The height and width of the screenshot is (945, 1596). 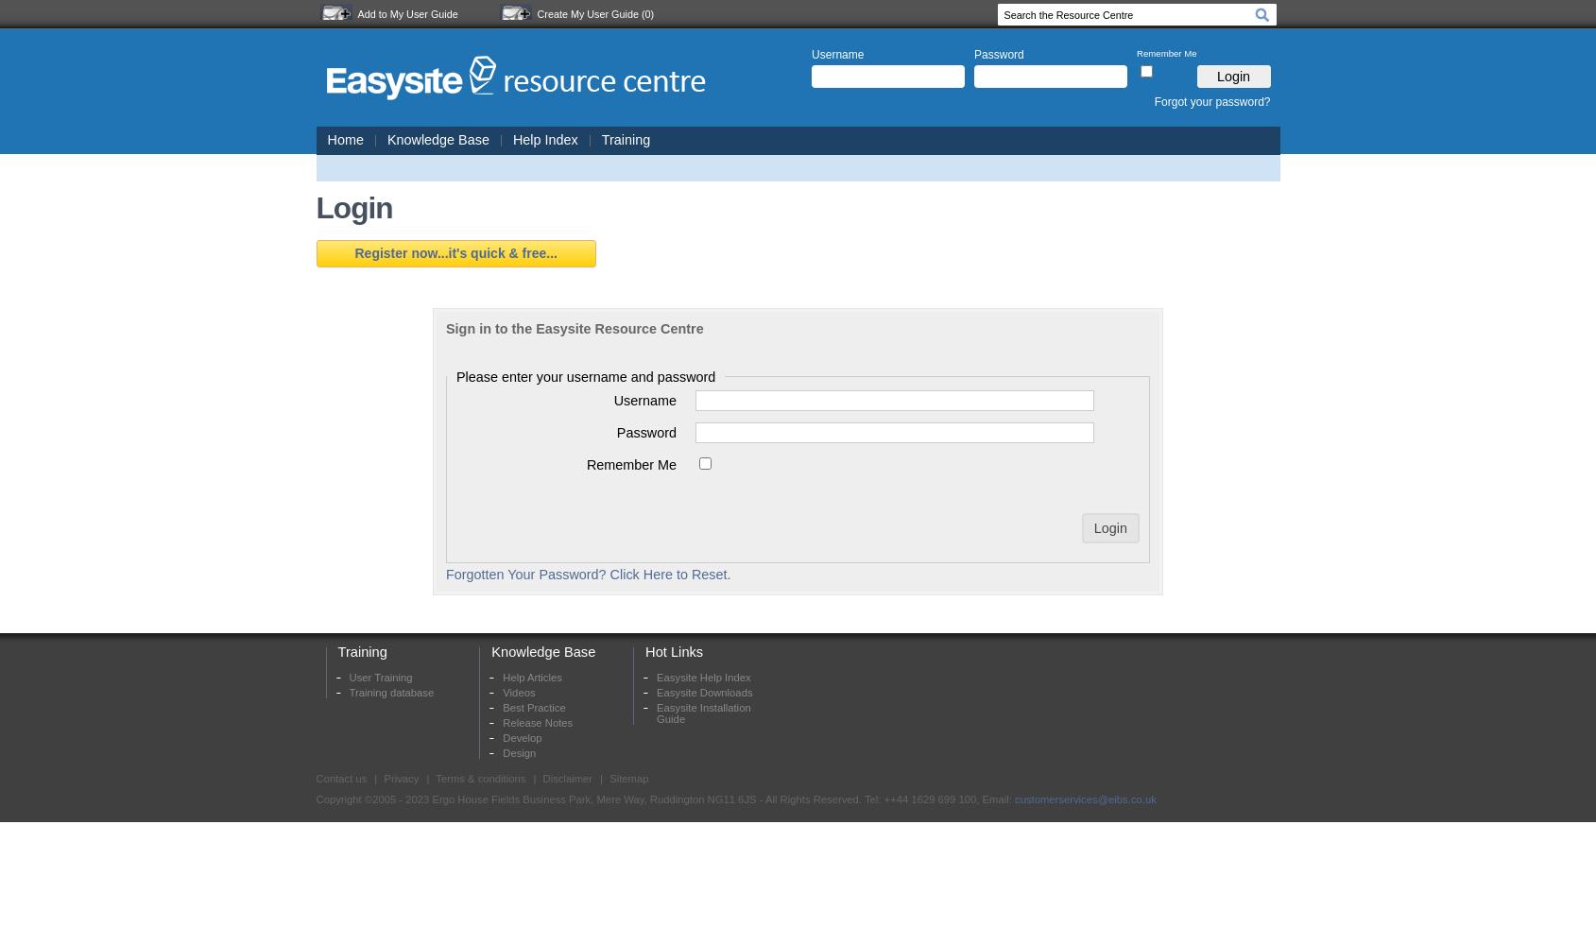 What do you see at coordinates (353, 206) in the screenshot?
I see `'Login'` at bounding box center [353, 206].